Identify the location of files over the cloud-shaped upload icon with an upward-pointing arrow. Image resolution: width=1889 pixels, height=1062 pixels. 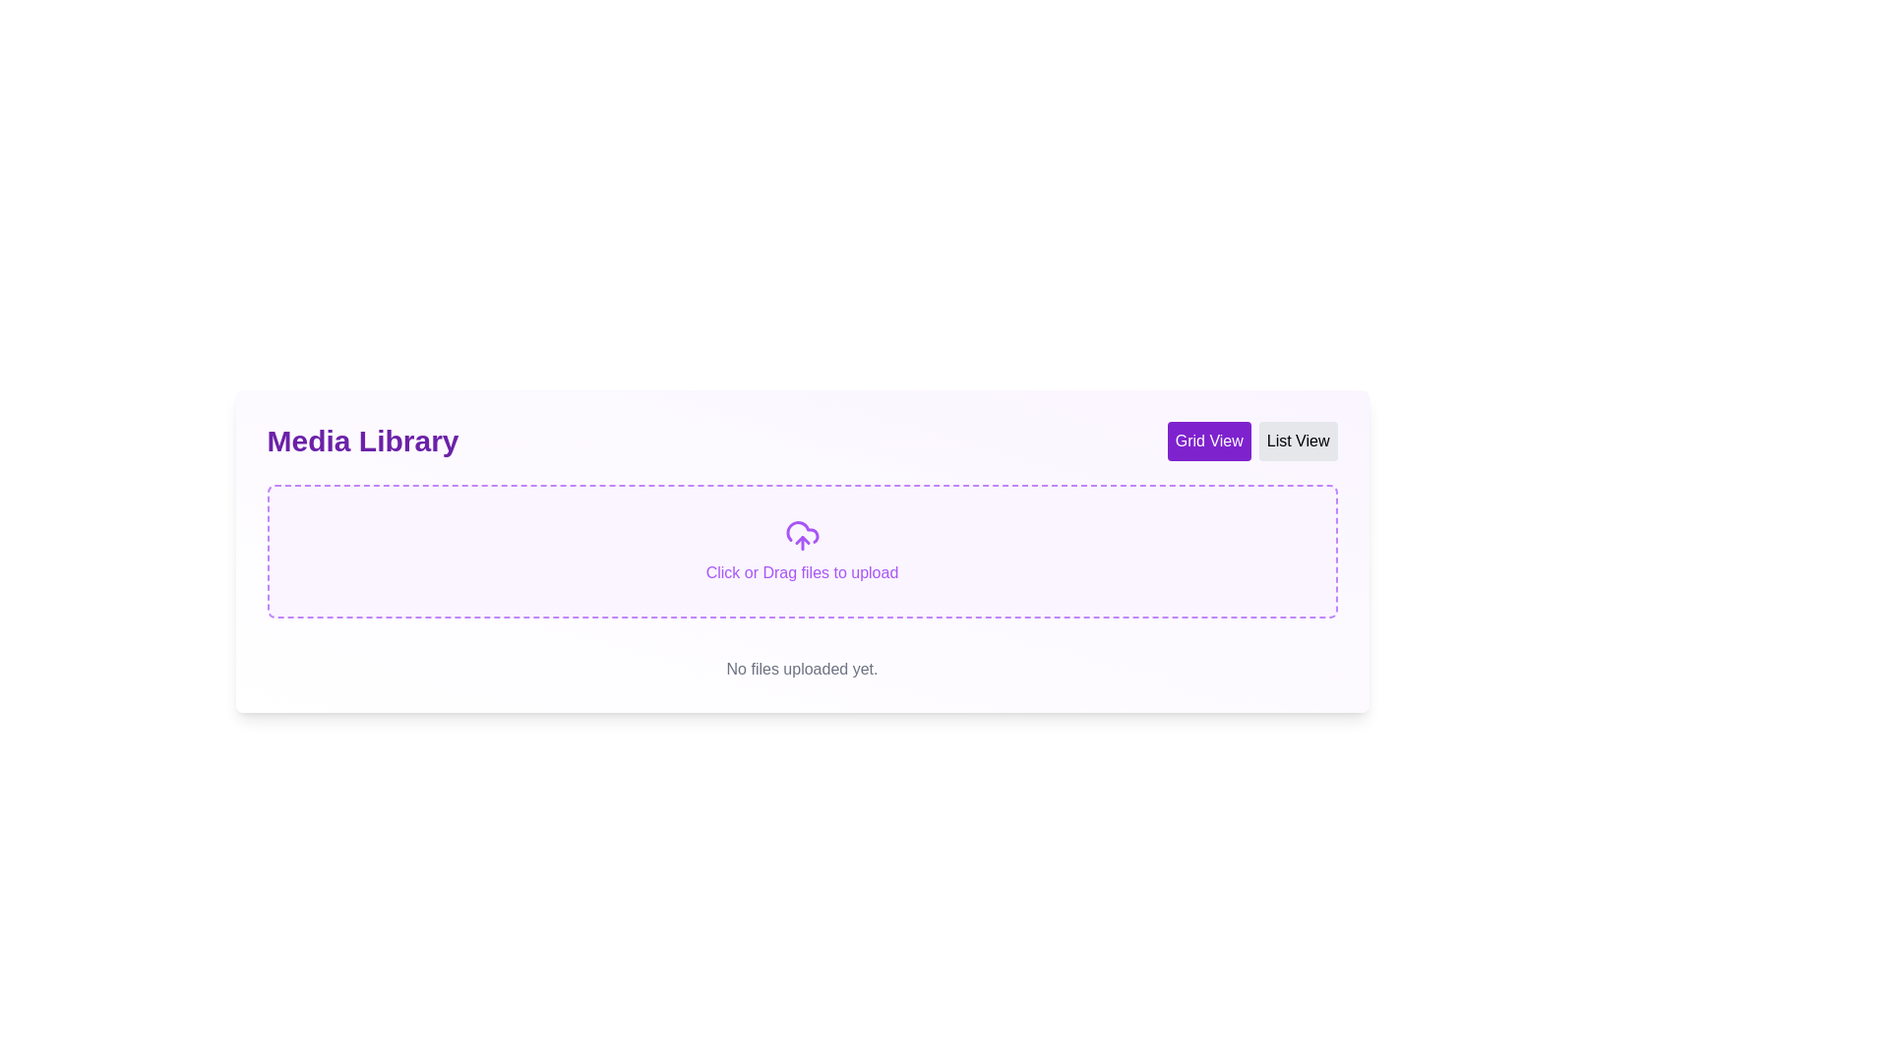
(802, 535).